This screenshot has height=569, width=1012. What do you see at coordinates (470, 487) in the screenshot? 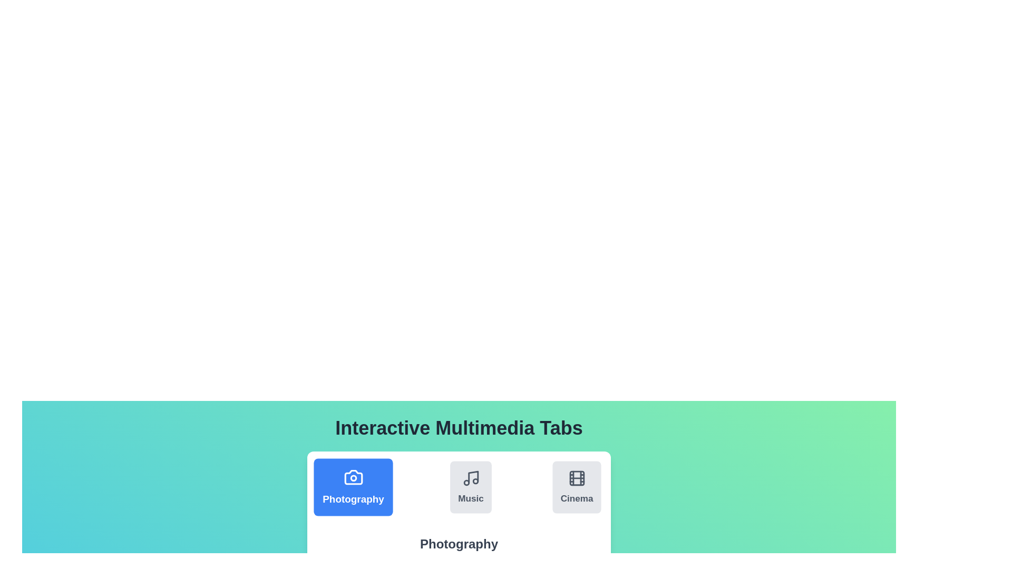
I see `the Music tab` at bounding box center [470, 487].